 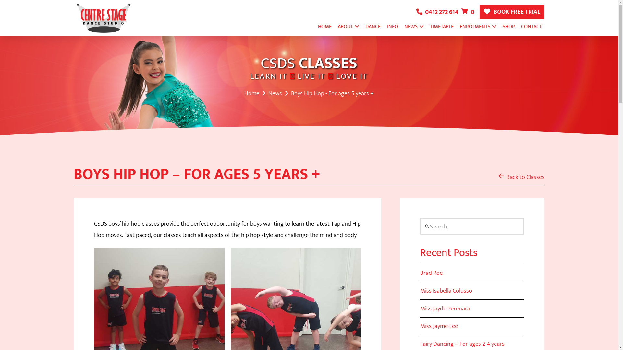 What do you see at coordinates (275, 93) in the screenshot?
I see `'News'` at bounding box center [275, 93].